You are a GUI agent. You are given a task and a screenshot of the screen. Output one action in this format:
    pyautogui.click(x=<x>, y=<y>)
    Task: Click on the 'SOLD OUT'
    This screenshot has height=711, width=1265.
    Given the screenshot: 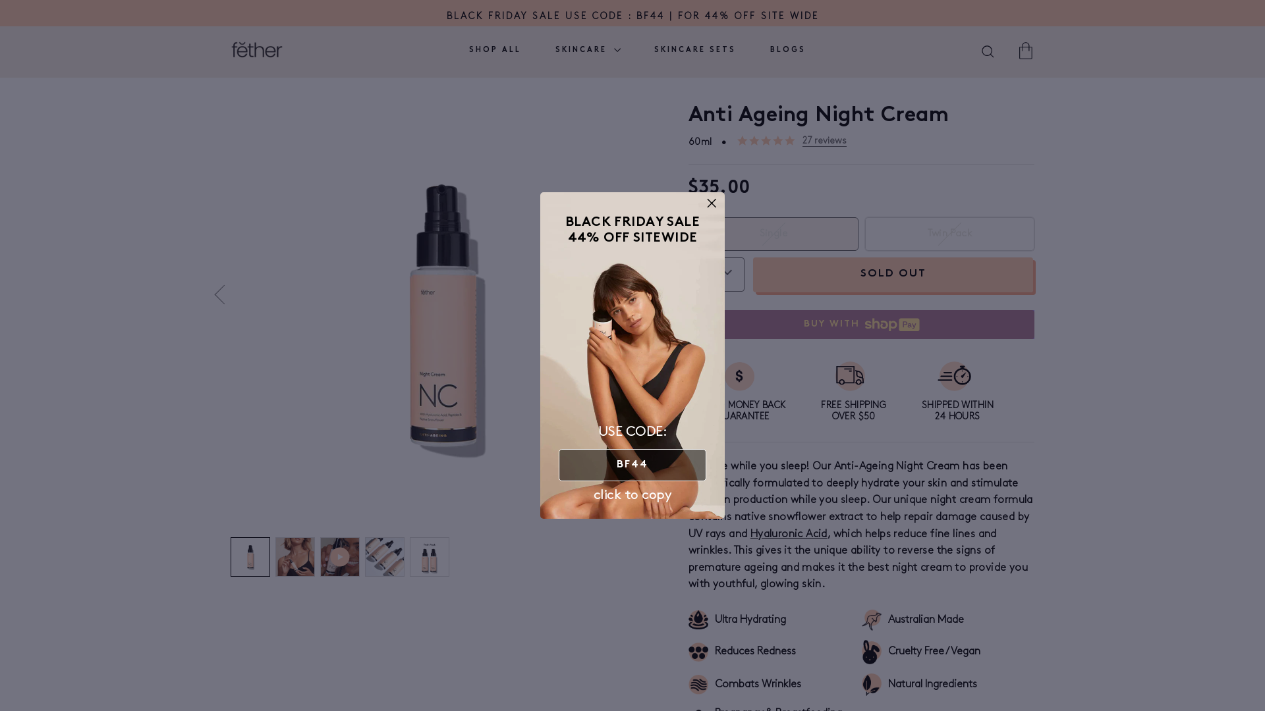 What is the action you would take?
    pyautogui.click(x=893, y=274)
    